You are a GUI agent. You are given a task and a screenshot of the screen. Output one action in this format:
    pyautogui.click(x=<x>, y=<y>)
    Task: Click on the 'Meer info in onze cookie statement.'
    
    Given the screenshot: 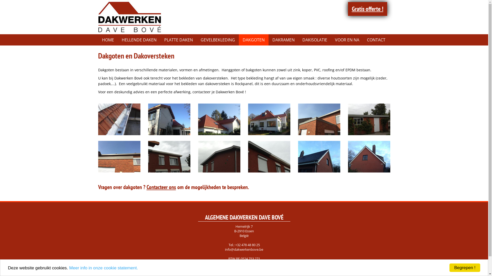 What is the action you would take?
    pyautogui.click(x=103, y=267)
    